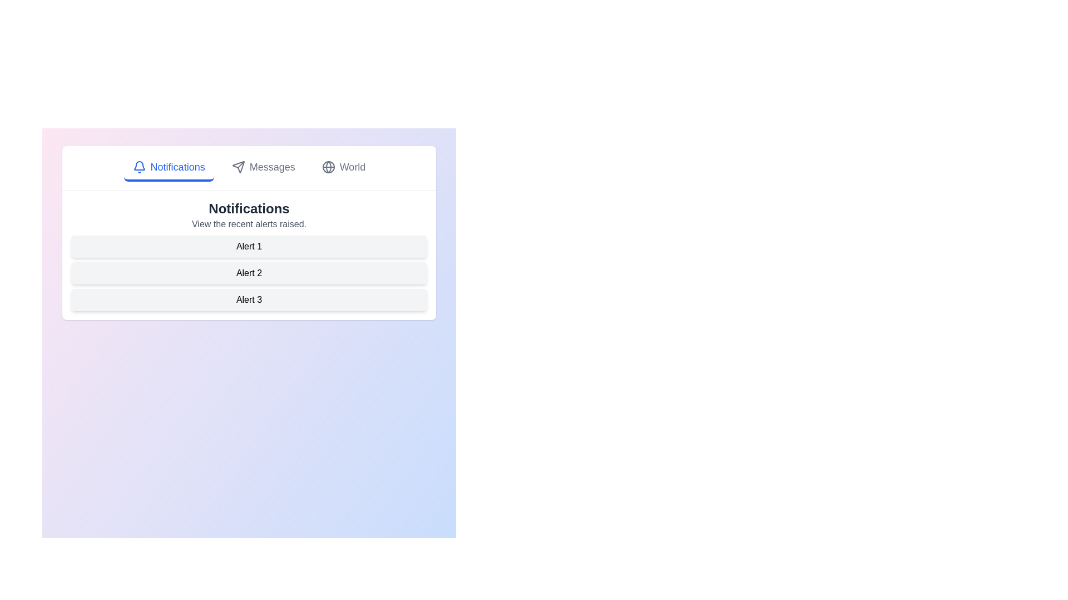 This screenshot has width=1068, height=600. Describe the element at coordinates (263, 168) in the screenshot. I see `the Messages tab by clicking on its respective button` at that location.